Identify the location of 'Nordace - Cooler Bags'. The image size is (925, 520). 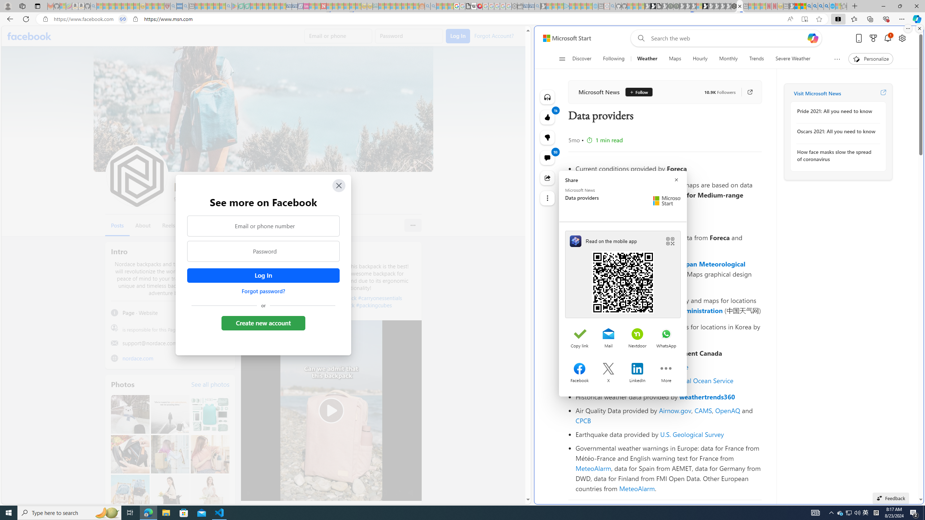
(733, 6).